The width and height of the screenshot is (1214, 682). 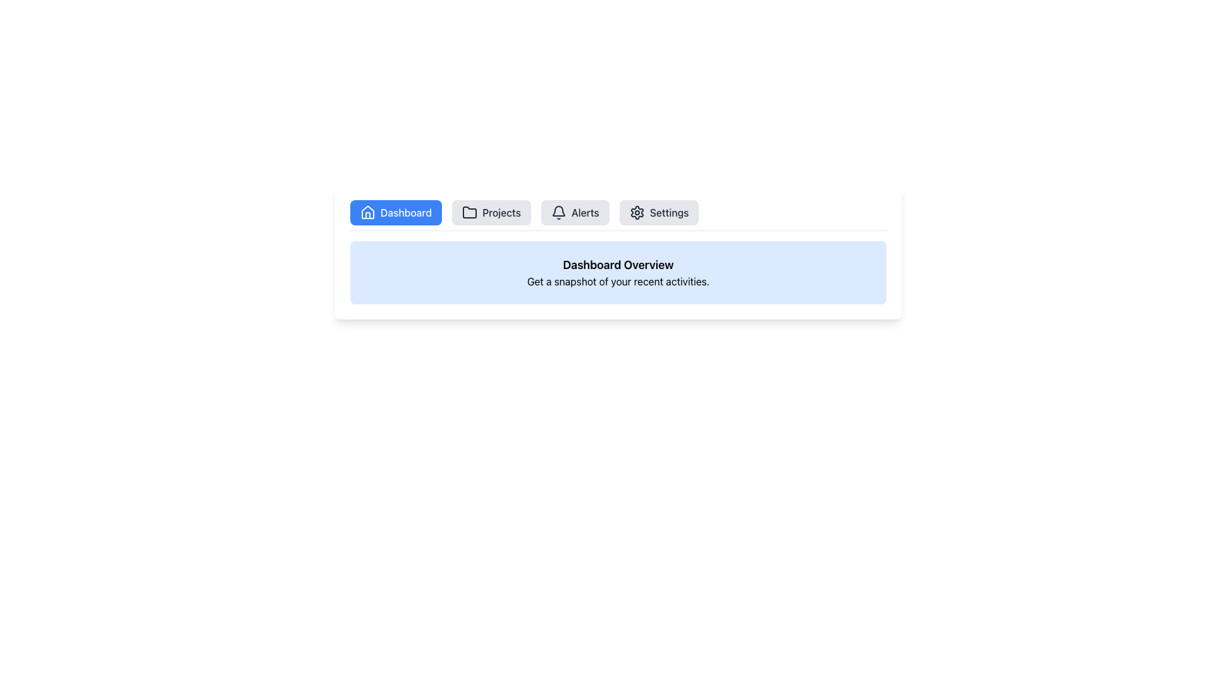 What do you see at coordinates (469, 212) in the screenshot?
I see `the folder icon located in the navigation bar, which is positioned directly to the right of the 'Dashboard' button` at bounding box center [469, 212].